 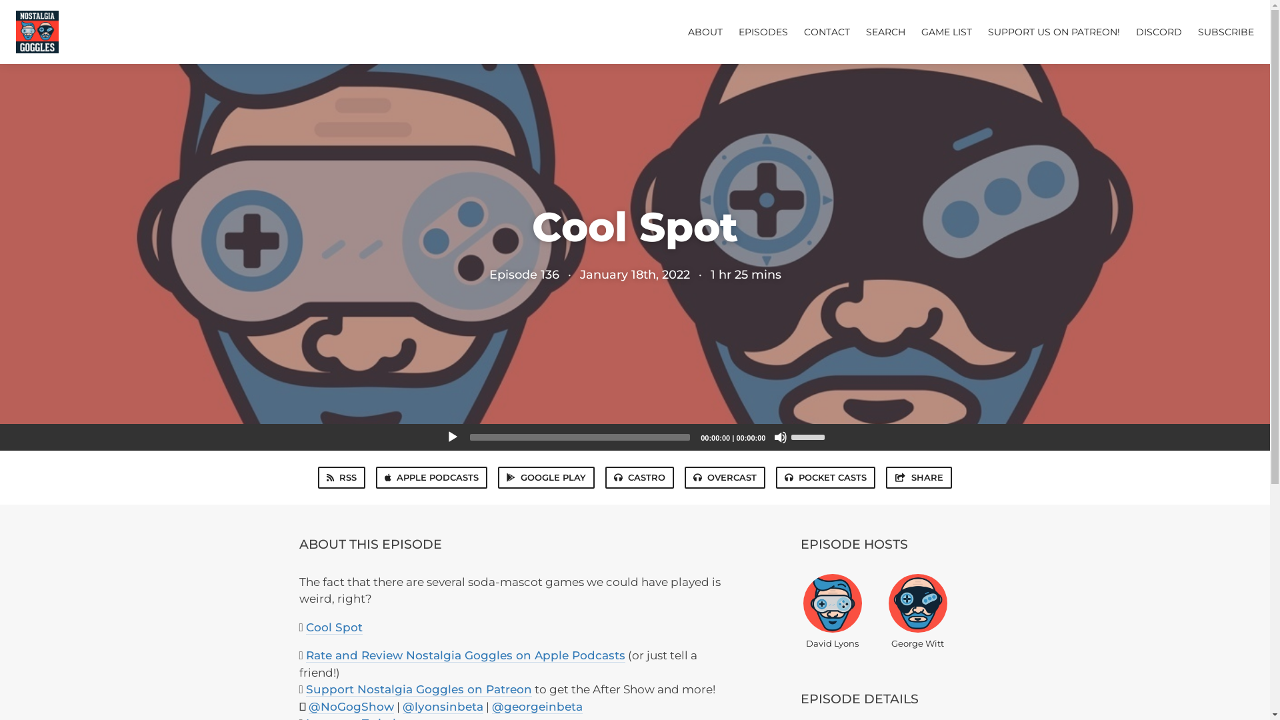 What do you see at coordinates (1225, 31) in the screenshot?
I see `'SUBSCRIBE'` at bounding box center [1225, 31].